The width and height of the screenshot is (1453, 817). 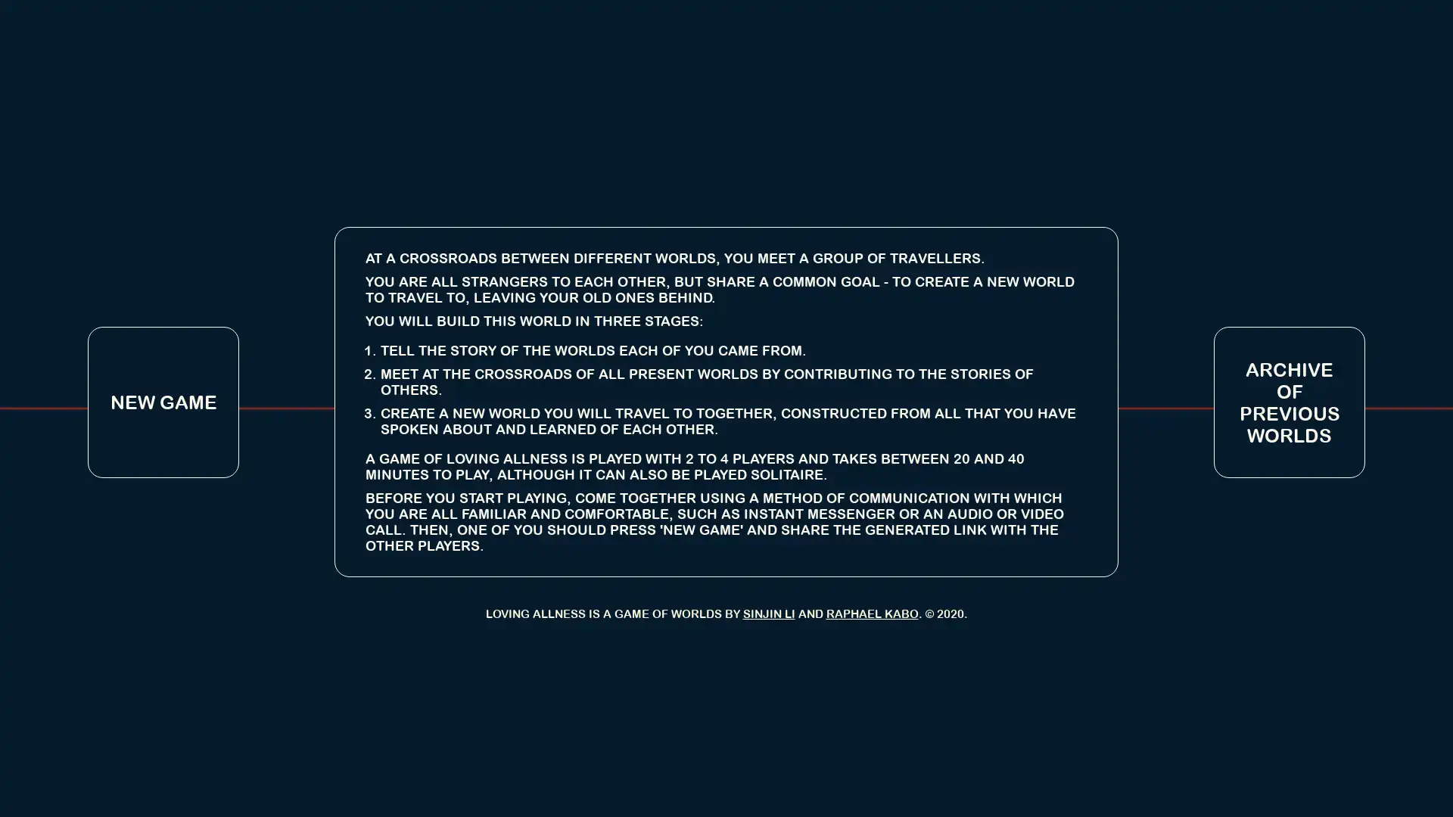 I want to click on NEW GAME, so click(x=163, y=401).